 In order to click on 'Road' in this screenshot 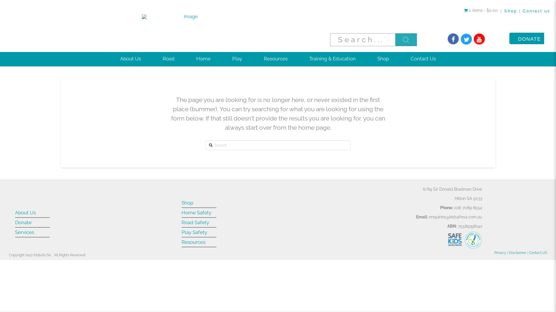, I will do `click(168, 59)`.